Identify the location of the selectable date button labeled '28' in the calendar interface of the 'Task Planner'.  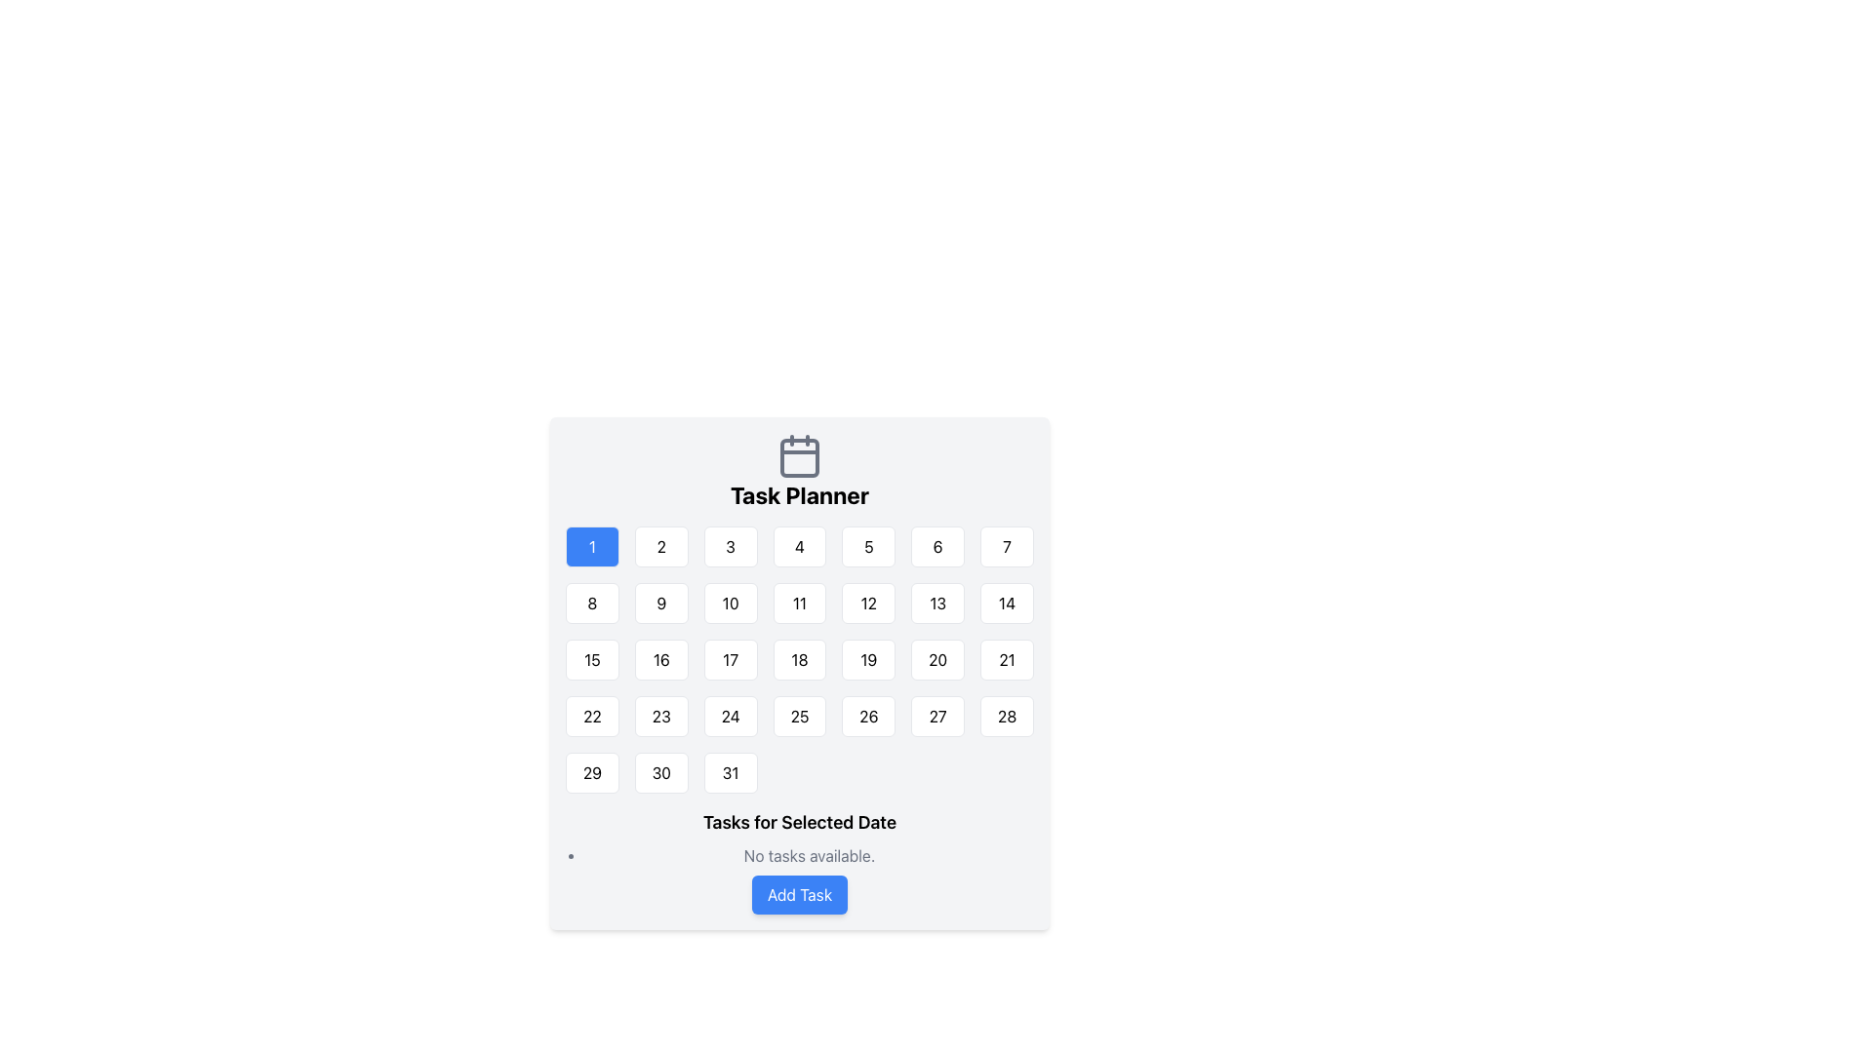
(1007, 717).